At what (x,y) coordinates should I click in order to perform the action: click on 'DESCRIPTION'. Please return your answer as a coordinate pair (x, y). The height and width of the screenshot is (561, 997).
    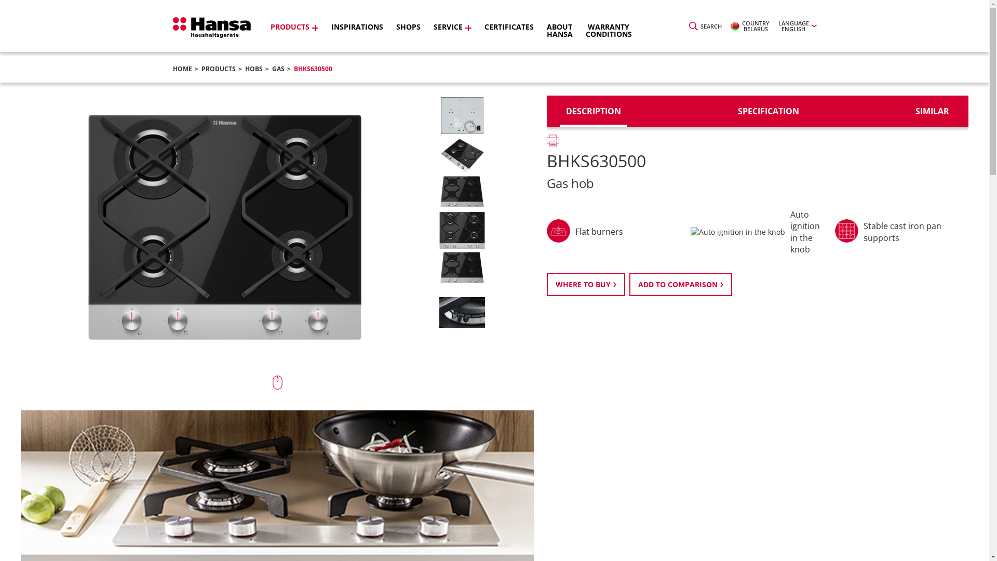
    Looking at the image, I should click on (593, 111).